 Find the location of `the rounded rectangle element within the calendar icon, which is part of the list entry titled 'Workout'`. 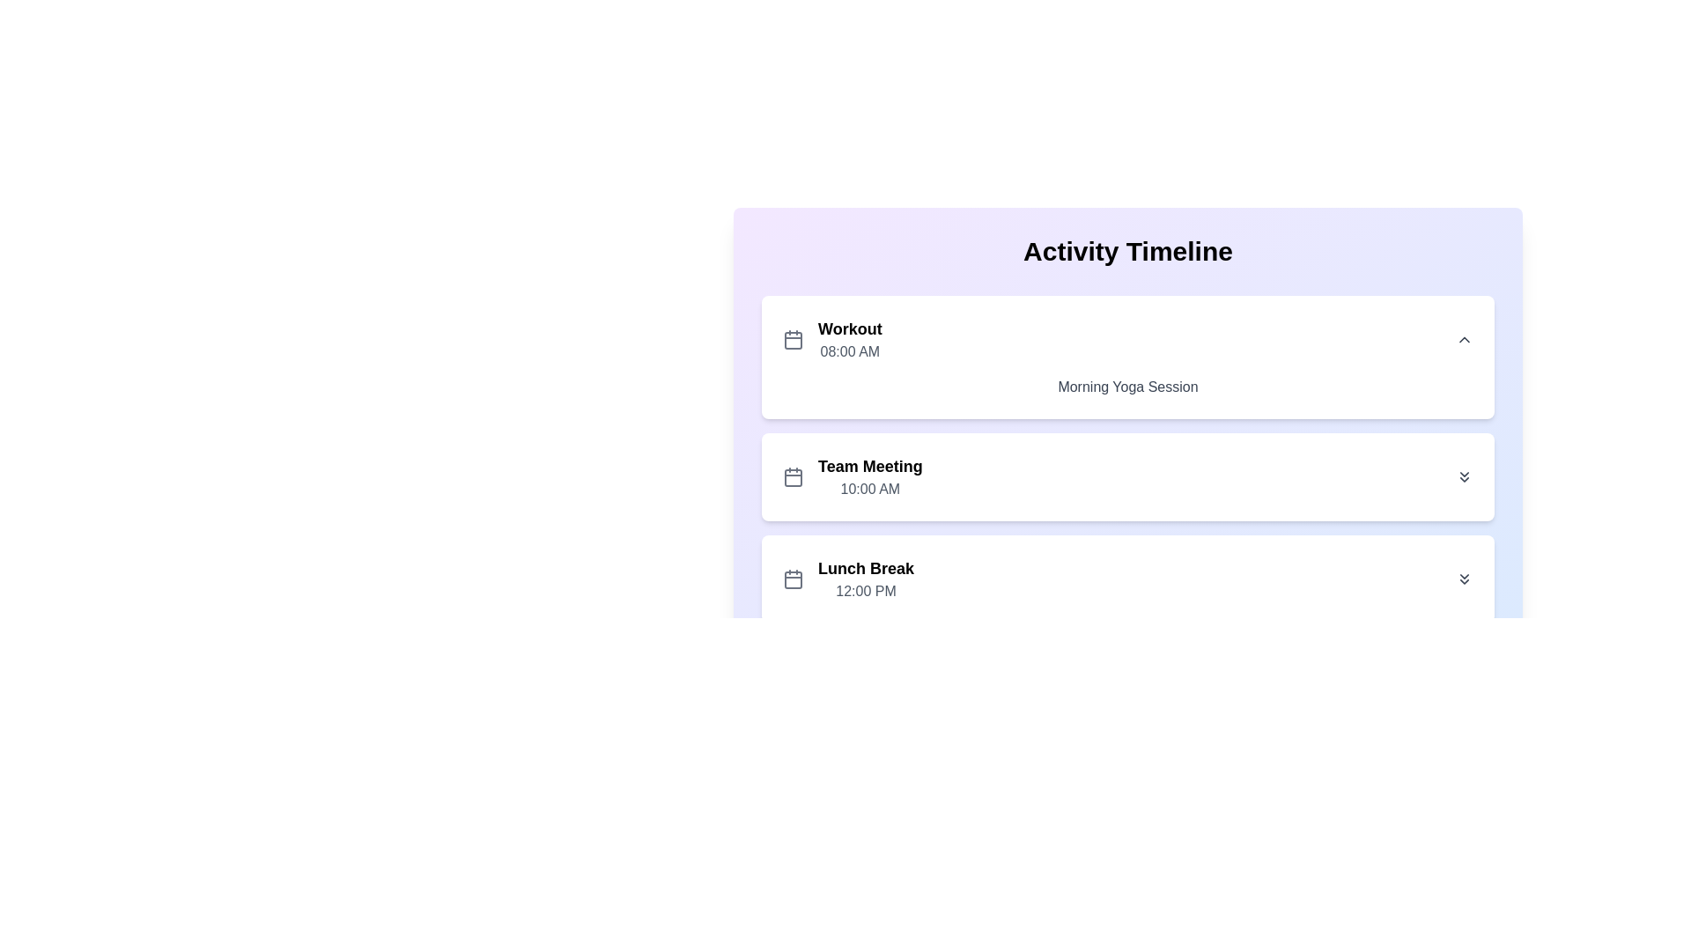

the rounded rectangle element within the calendar icon, which is part of the list entry titled 'Workout' is located at coordinates (793, 340).